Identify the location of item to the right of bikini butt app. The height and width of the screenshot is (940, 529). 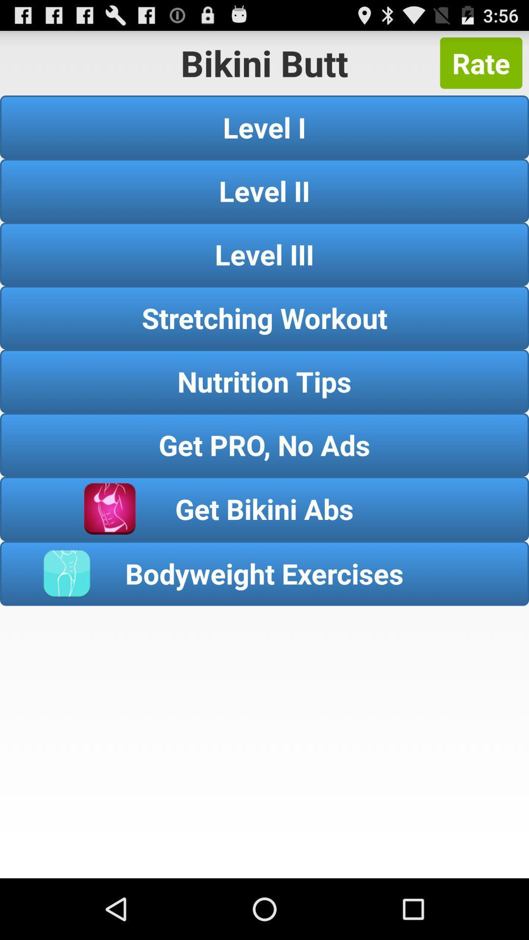
(481, 63).